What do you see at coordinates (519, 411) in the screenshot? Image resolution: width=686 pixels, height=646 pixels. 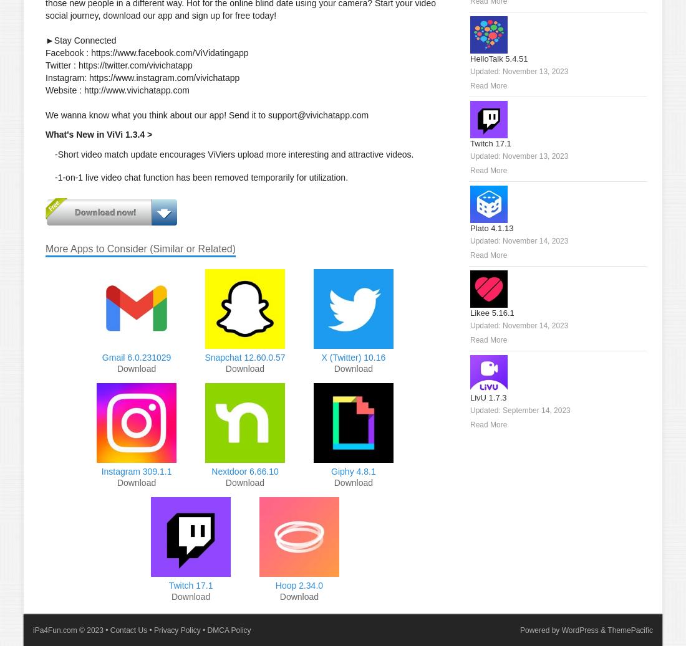 I see `'Updated: September 14, 2023'` at bounding box center [519, 411].